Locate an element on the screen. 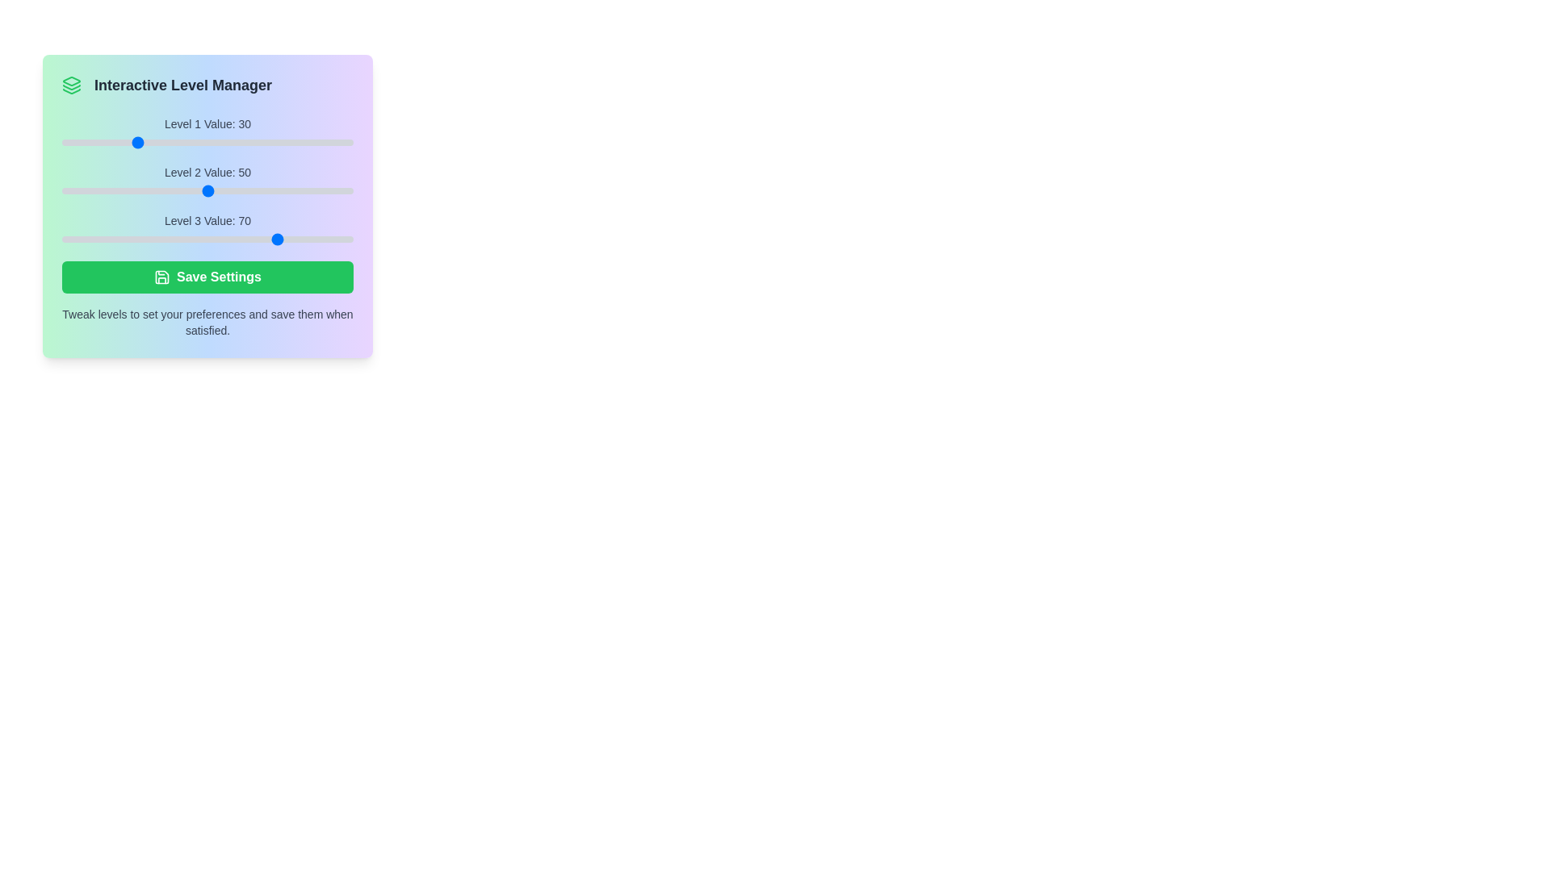 This screenshot has width=1550, height=871. the green icon located on the leftmost side of the header labeled 'Interactive Level Manager' is located at coordinates (71, 85).